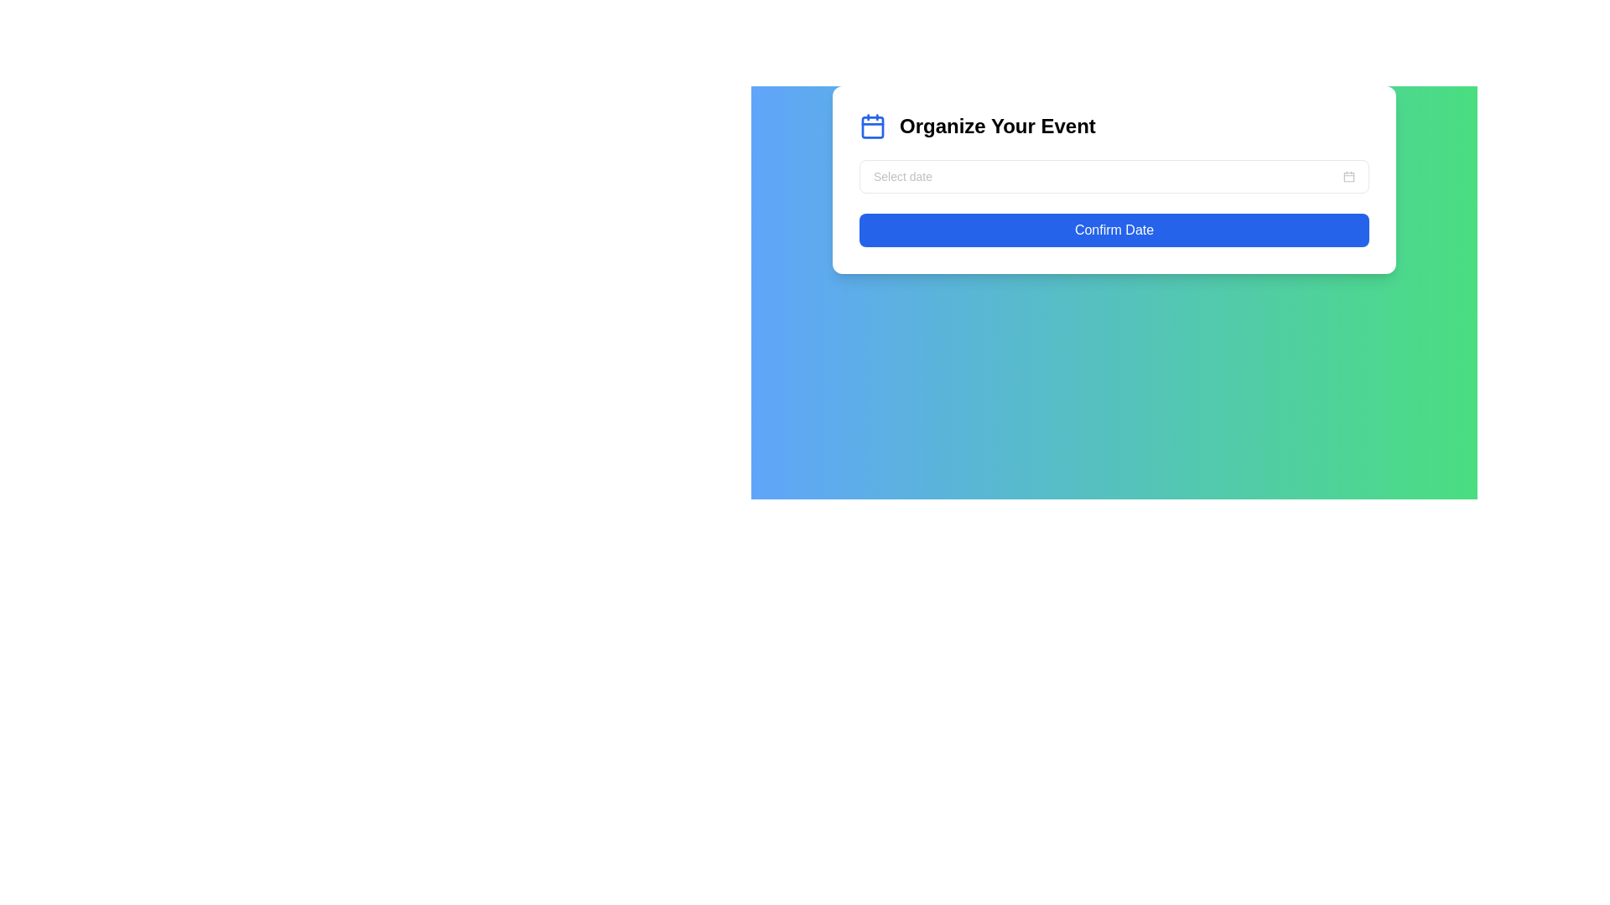 This screenshot has height=905, width=1610. What do you see at coordinates (1114, 177) in the screenshot?
I see `the dropdown menu with calendar functionality to type or modify the date` at bounding box center [1114, 177].